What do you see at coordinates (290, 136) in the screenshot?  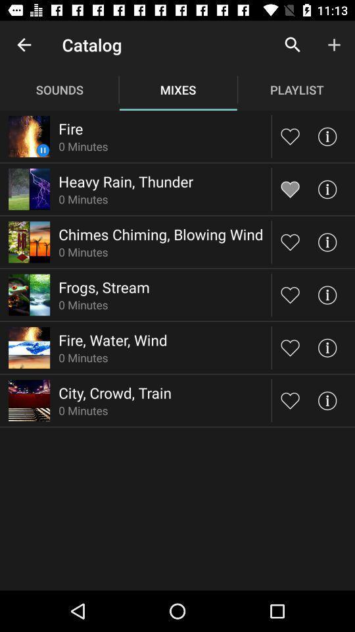 I see `to like a particular picture` at bounding box center [290, 136].